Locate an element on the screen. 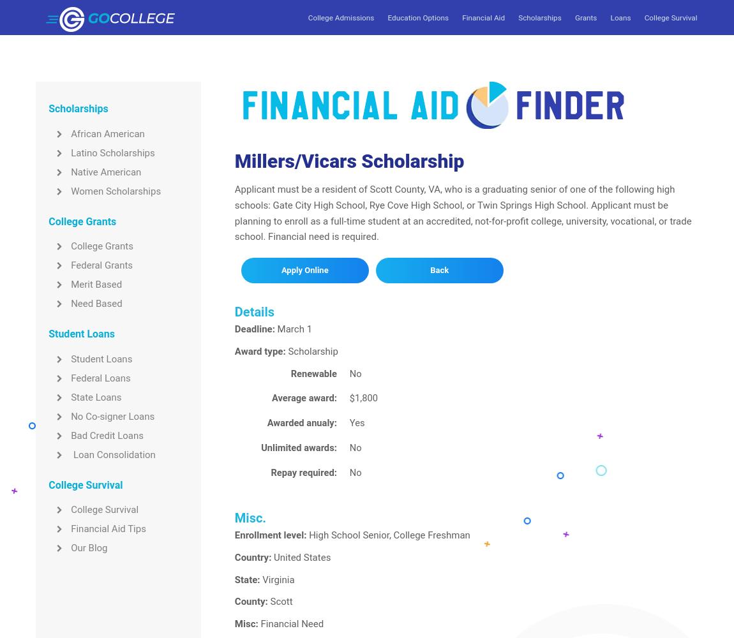 This screenshot has width=734, height=638. 'Native American' is located at coordinates (105, 172).